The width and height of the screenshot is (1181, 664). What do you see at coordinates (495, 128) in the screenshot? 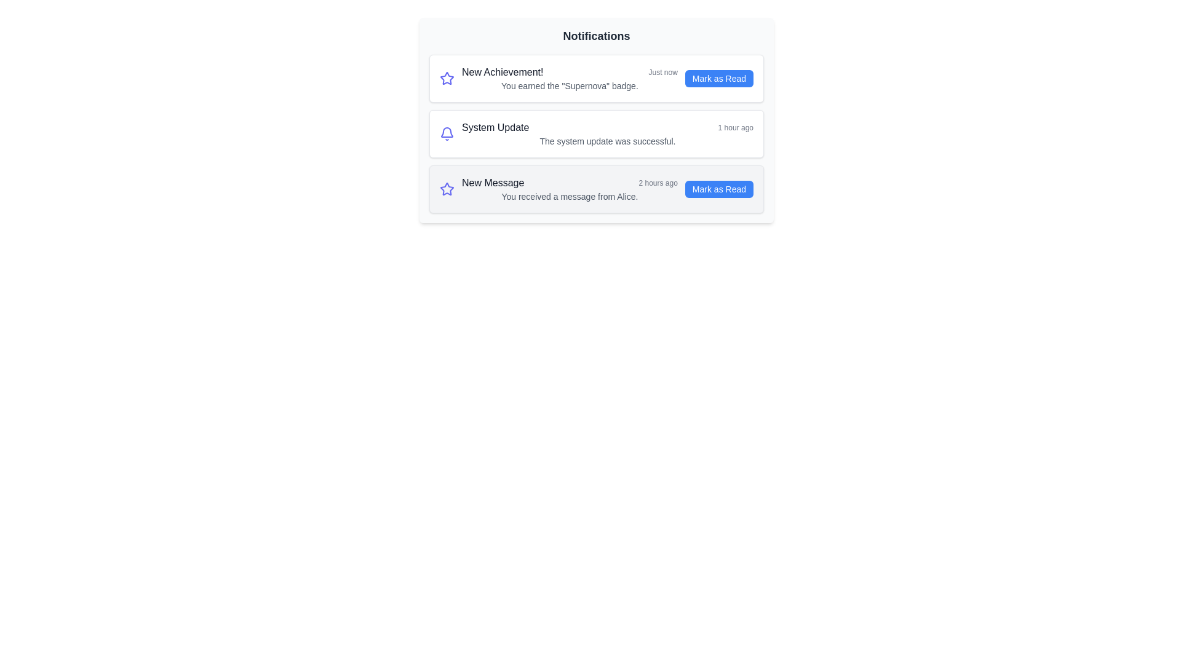
I see `text label displaying 'System Update' located in the second notification card, adjacent to a bell icon` at bounding box center [495, 128].